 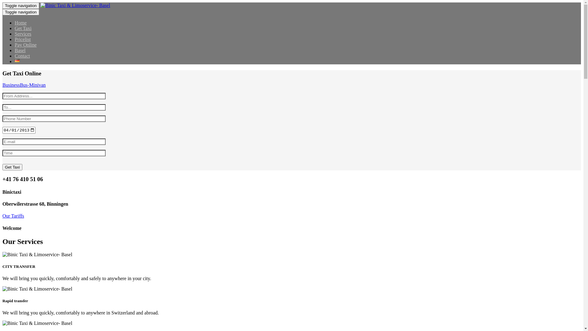 What do you see at coordinates (13, 215) in the screenshot?
I see `'Our Tariffs'` at bounding box center [13, 215].